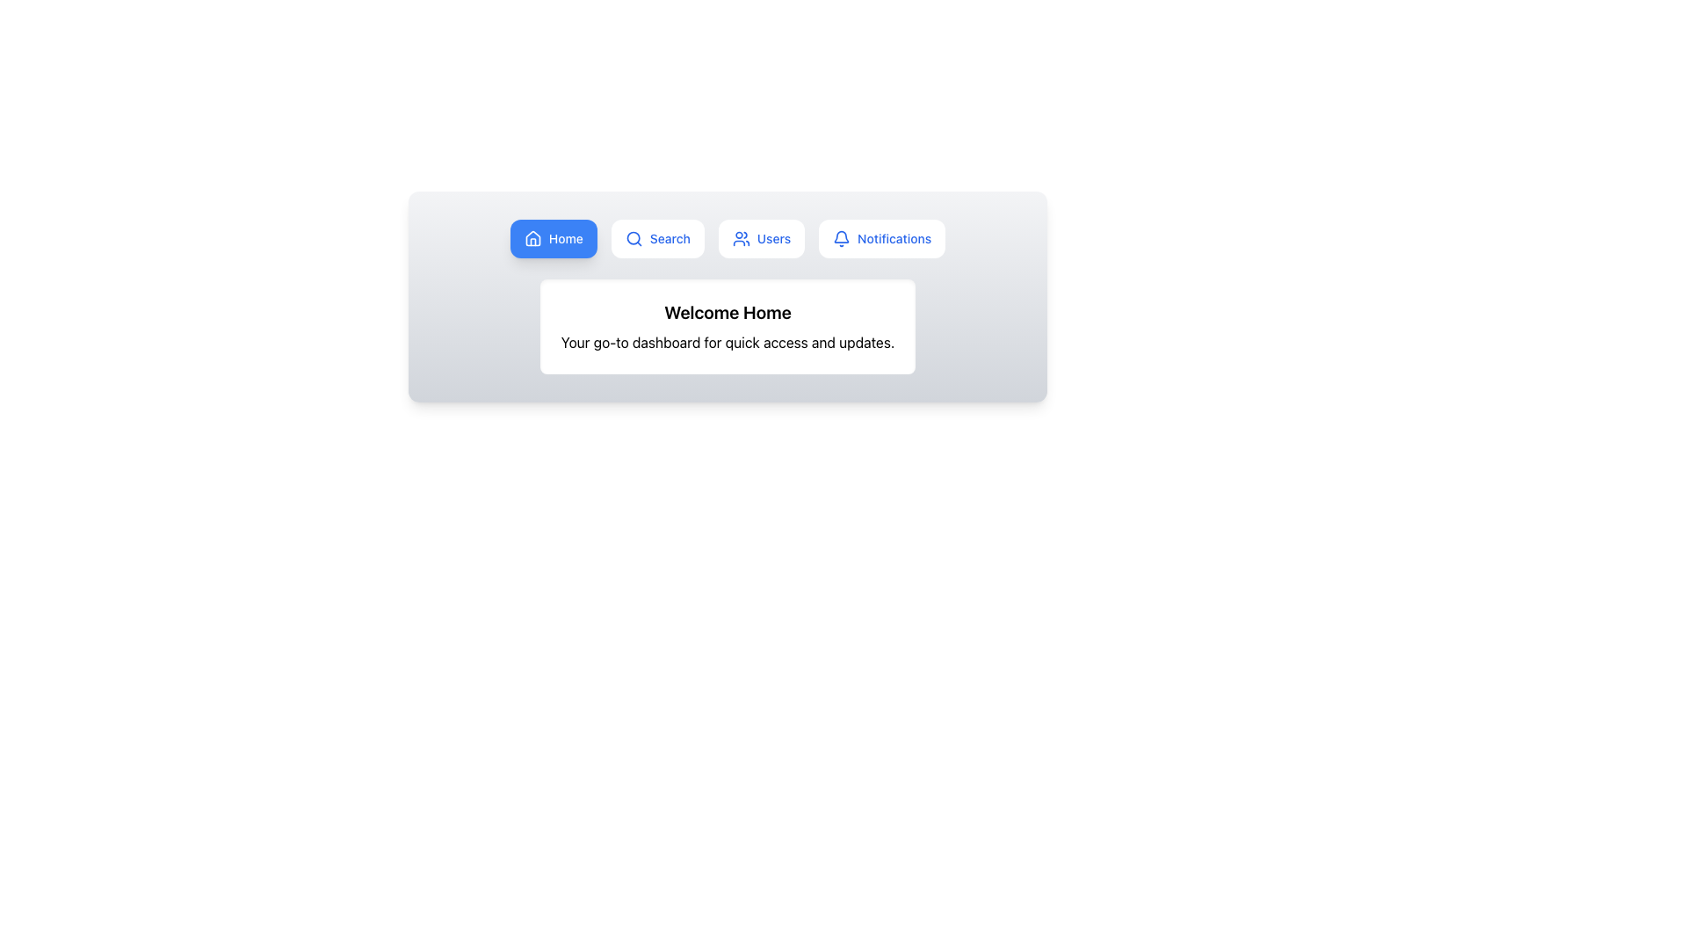 Image resolution: width=1687 pixels, height=949 pixels. I want to click on the central decorative SVG circle within the magnifying glass icon of the 'Search' button in the navigation bar, located immediately to the right of the 'Home' button, so click(633, 238).